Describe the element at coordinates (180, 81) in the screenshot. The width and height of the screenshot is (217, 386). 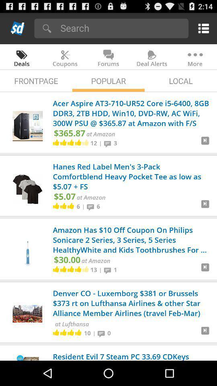
I see `app next to the popular item` at that location.